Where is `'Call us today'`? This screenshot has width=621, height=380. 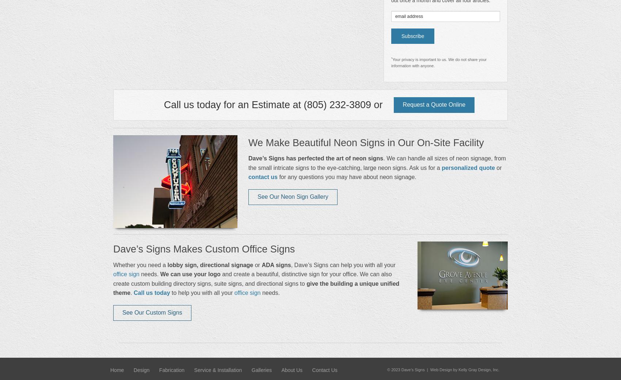 'Call us today' is located at coordinates (151, 292).